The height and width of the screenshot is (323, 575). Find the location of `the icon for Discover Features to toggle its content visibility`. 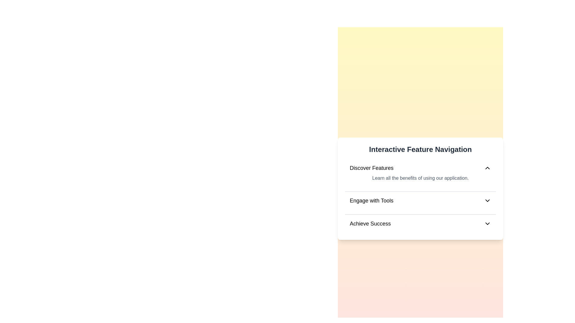

the icon for Discover Features to toggle its content visibility is located at coordinates (487, 168).